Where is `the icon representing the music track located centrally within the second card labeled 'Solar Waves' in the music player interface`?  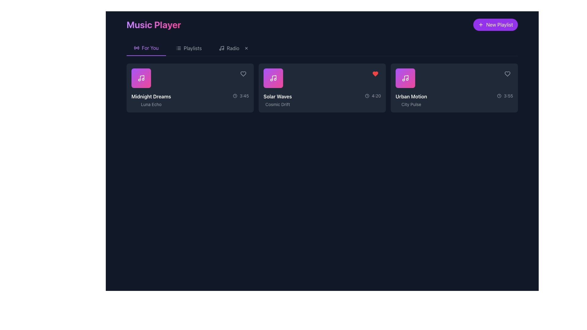
the icon representing the music track located centrally within the second card labeled 'Solar Waves' in the music player interface is located at coordinates (273, 78).